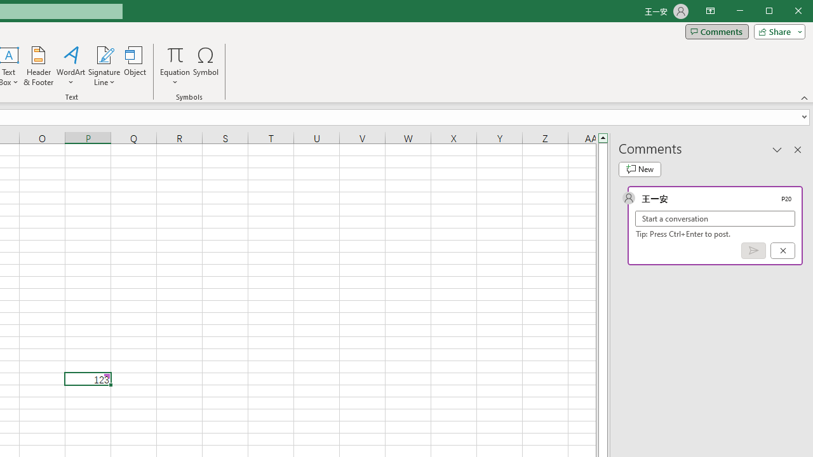 The height and width of the screenshot is (457, 813). Describe the element at coordinates (174, 66) in the screenshot. I see `'Equation'` at that location.